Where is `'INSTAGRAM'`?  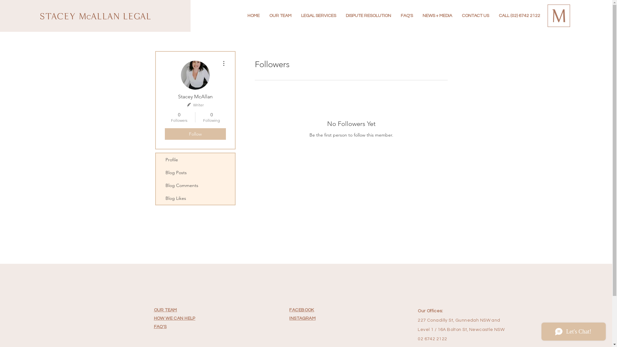
'INSTAGRAM' is located at coordinates (302, 318).